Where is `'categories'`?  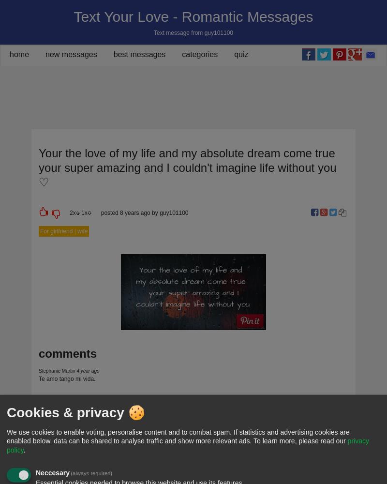 'categories' is located at coordinates (199, 54).